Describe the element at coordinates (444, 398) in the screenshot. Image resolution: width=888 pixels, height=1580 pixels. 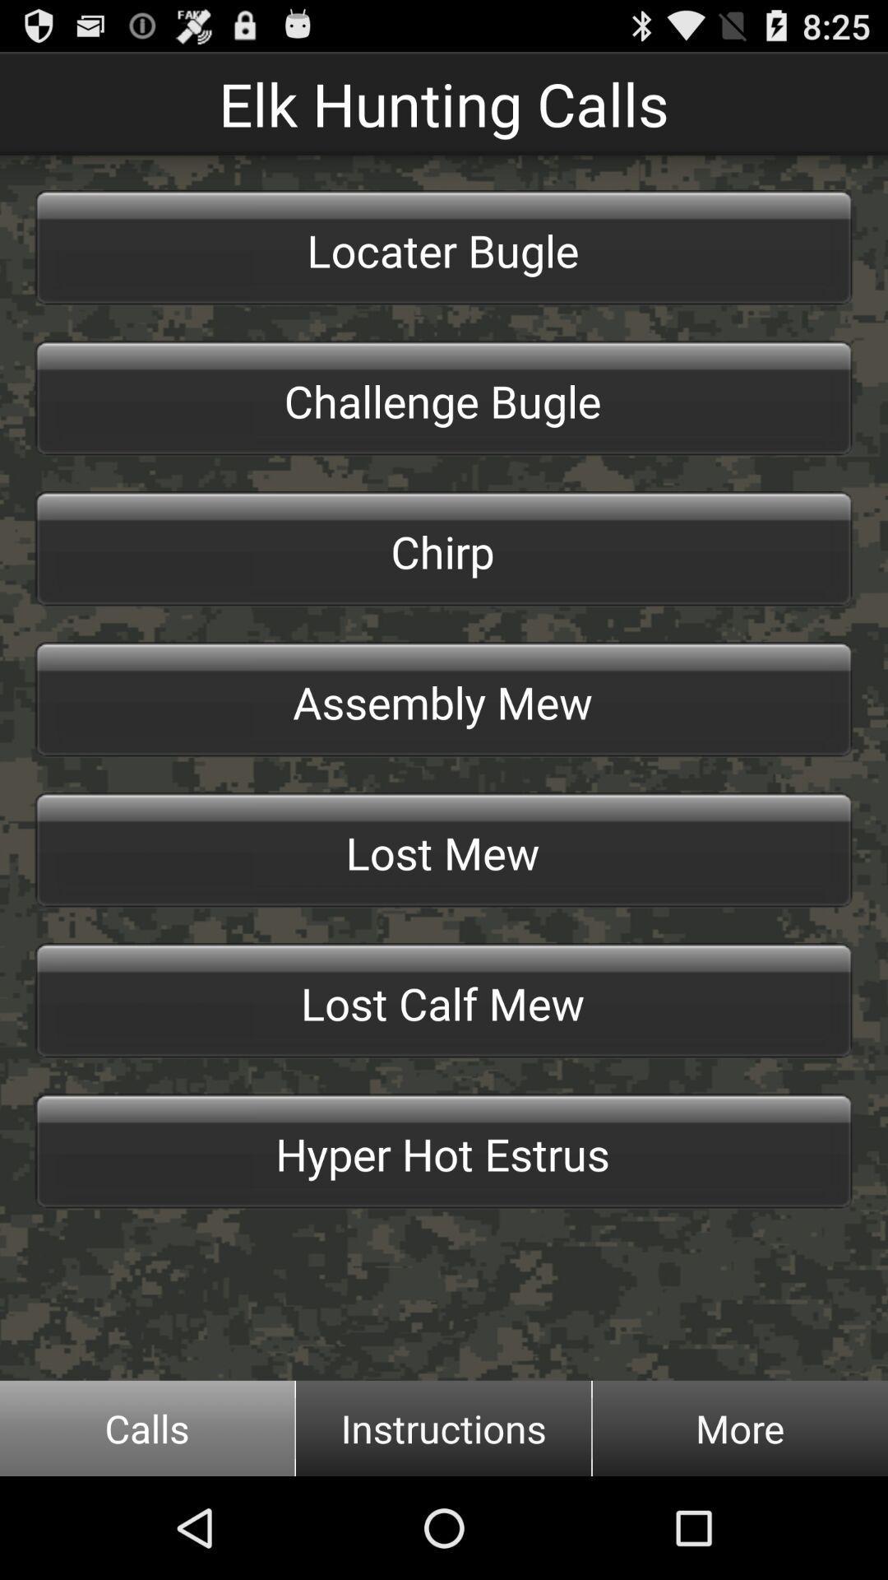
I see `challenge bugle item` at that location.